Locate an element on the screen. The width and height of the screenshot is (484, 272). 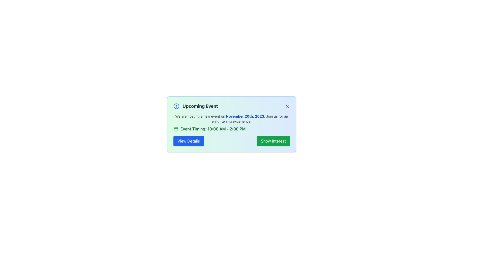
the Text label that provides event timing details, located under the 'Upcoming Event' text, next to the green calendar icon is located at coordinates (213, 129).